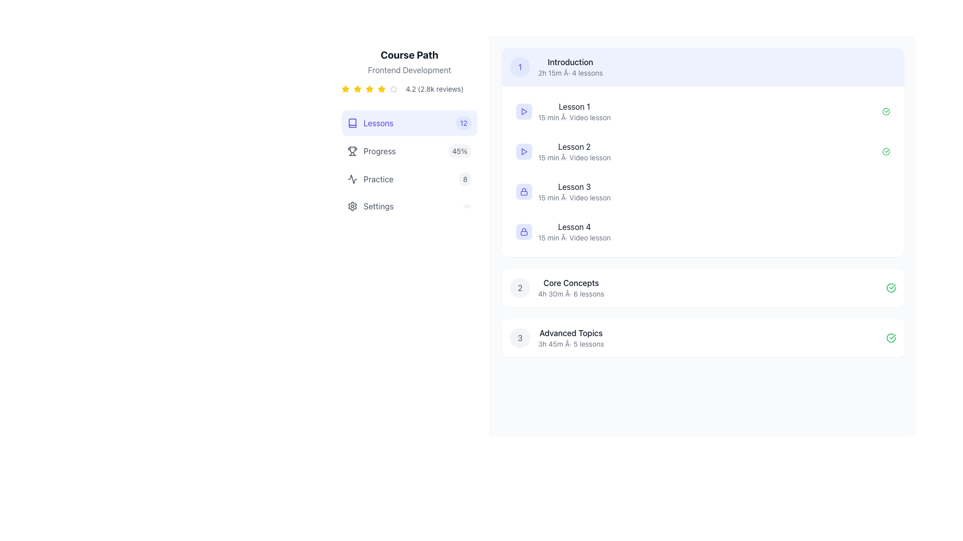 The image size is (963, 541). What do you see at coordinates (524, 112) in the screenshot?
I see `the triangular play icon with a light indigo background that is located to the left of the text 'Lesson 1' in the 'Introduction' section` at bounding box center [524, 112].